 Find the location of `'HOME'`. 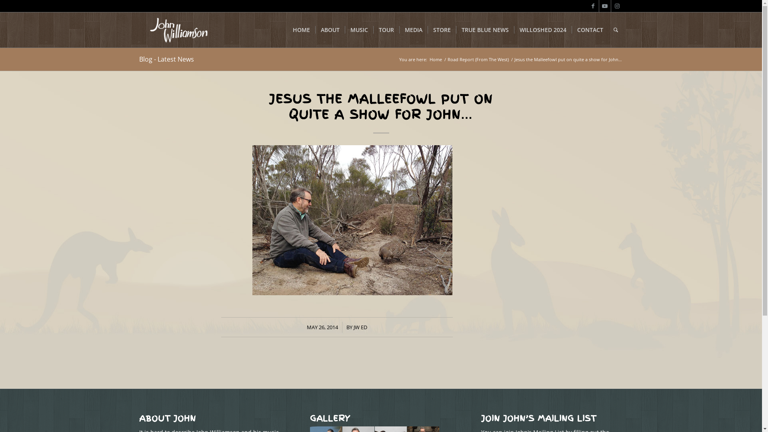

'HOME' is located at coordinates (300, 29).